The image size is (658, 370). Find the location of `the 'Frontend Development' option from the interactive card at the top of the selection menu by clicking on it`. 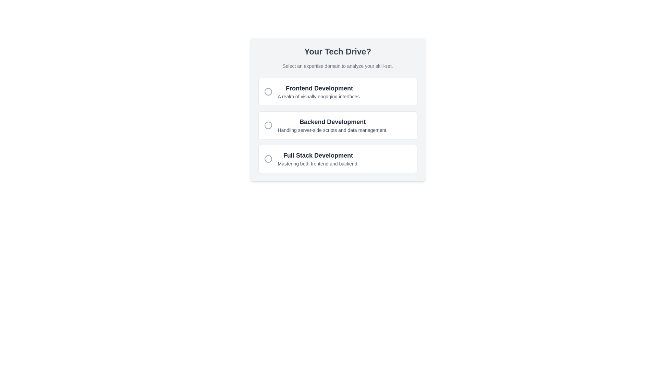

the 'Frontend Development' option from the interactive card at the top of the selection menu by clicking on it is located at coordinates (338, 91).